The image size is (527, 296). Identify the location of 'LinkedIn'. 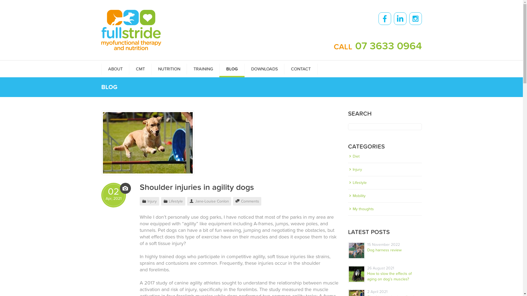
(393, 18).